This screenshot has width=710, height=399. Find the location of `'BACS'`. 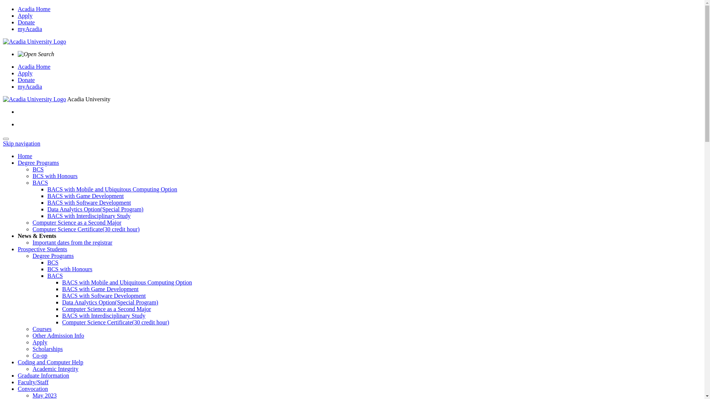

'BACS' is located at coordinates (40, 183).